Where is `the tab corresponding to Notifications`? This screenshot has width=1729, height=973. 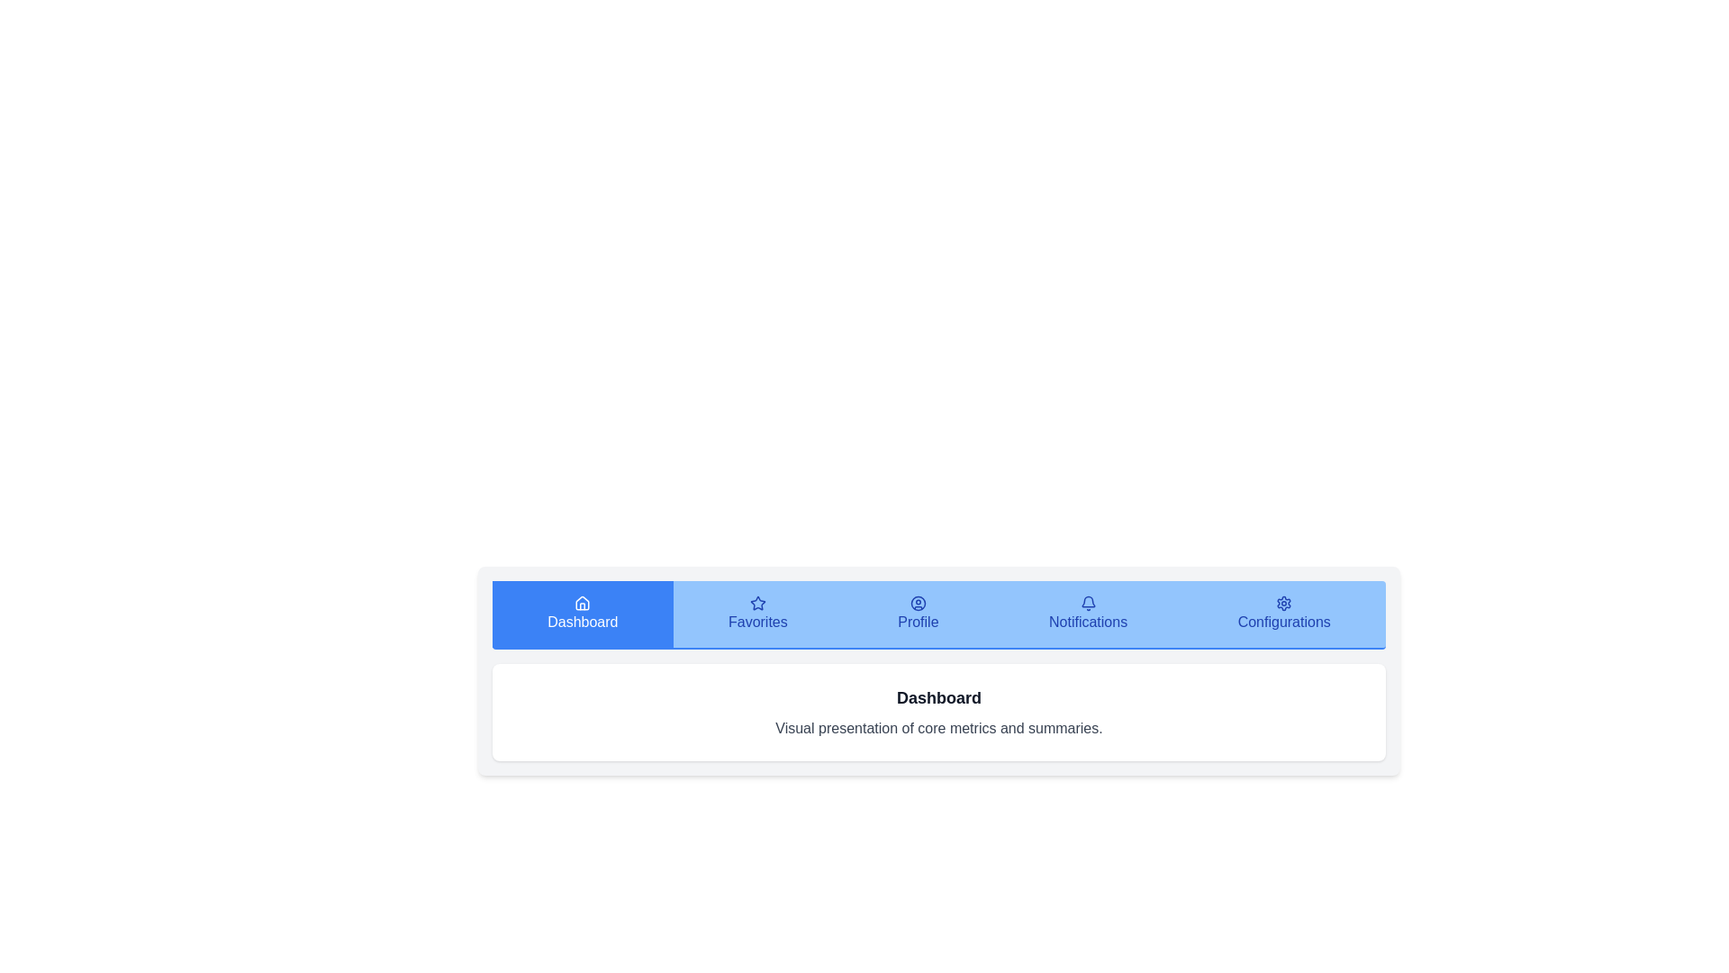 the tab corresponding to Notifications is located at coordinates (1087, 614).